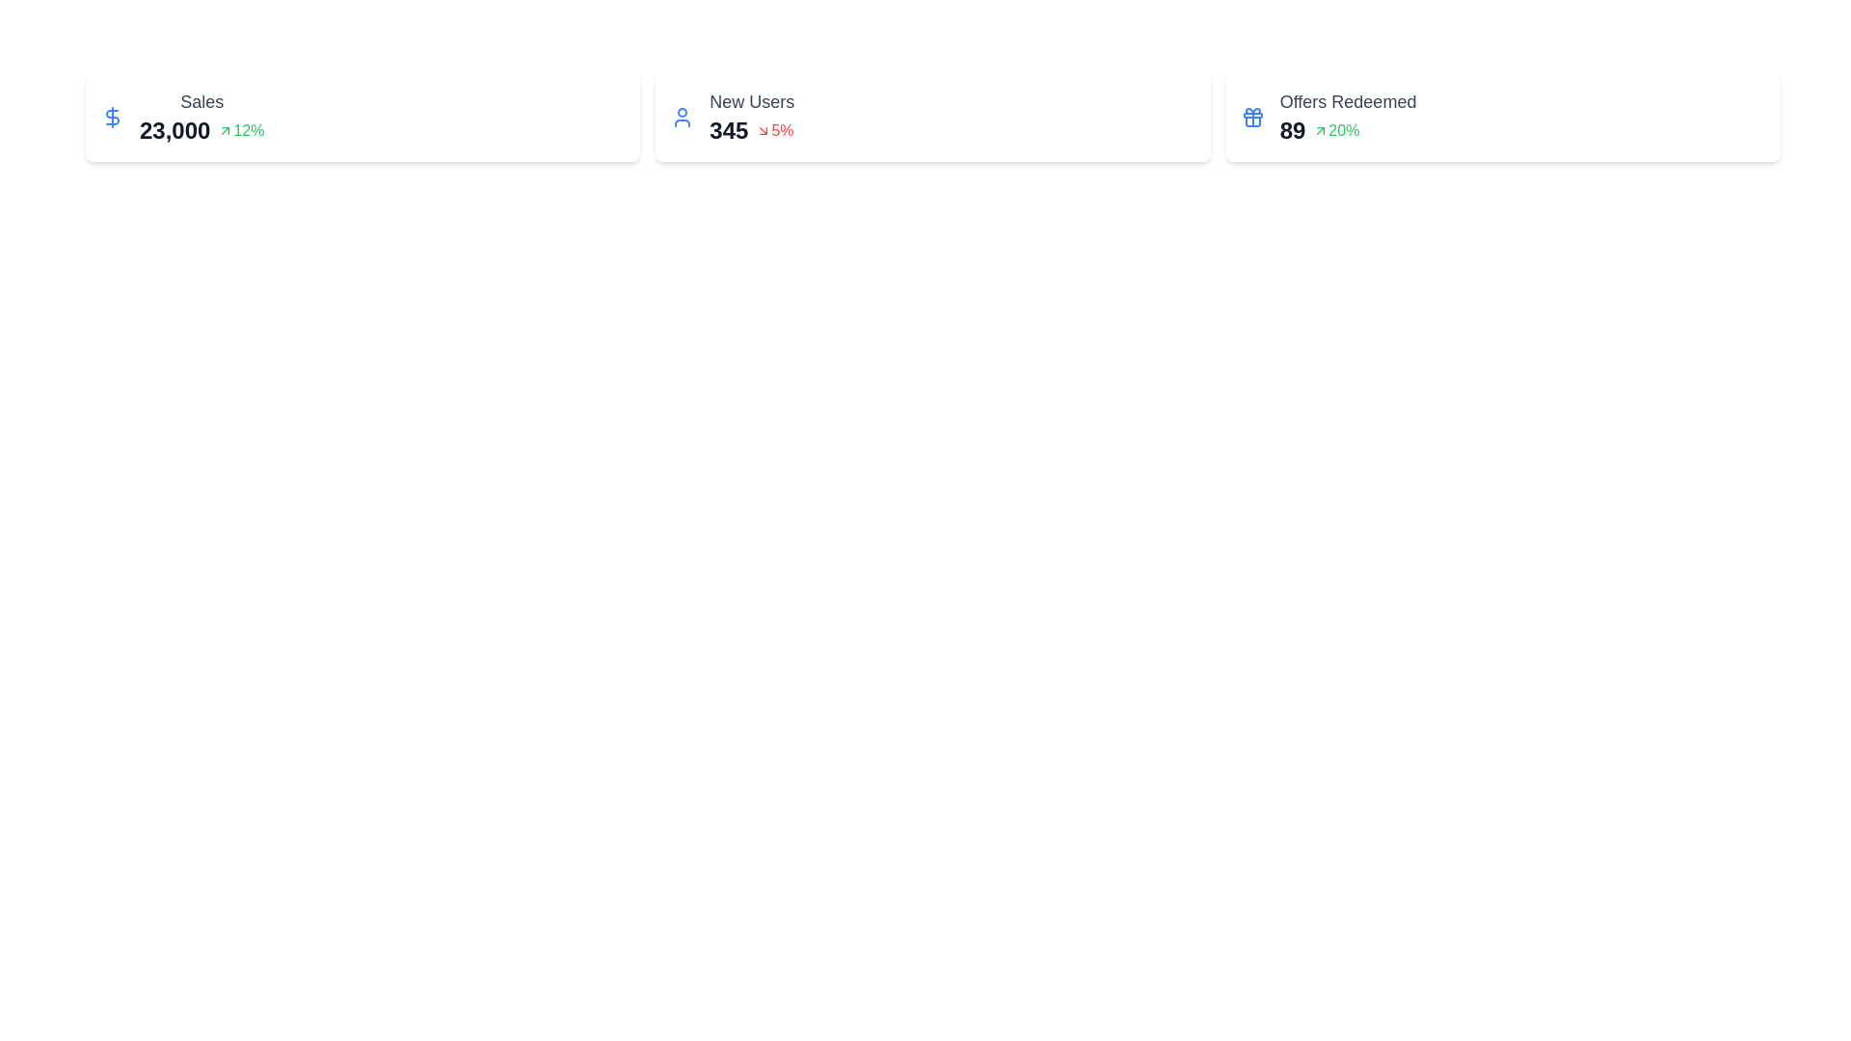  Describe the element at coordinates (751, 130) in the screenshot. I see `the displayed data in the stat display for 'New Users', which shows '345' and a negative change of '5%'` at that location.